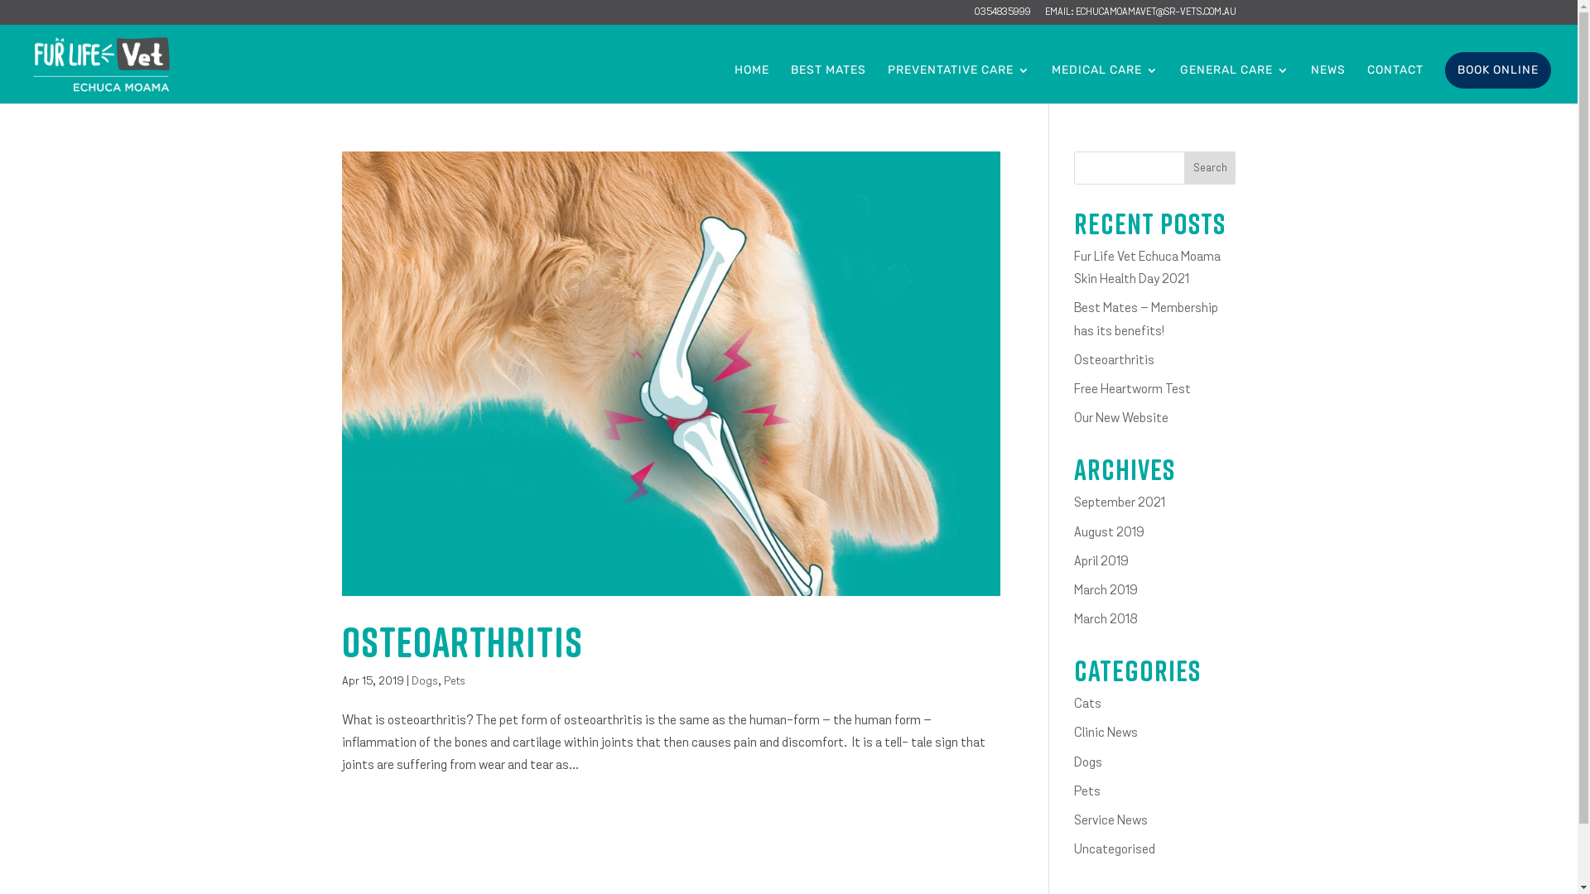  I want to click on 'Our New Website', so click(1120, 417).